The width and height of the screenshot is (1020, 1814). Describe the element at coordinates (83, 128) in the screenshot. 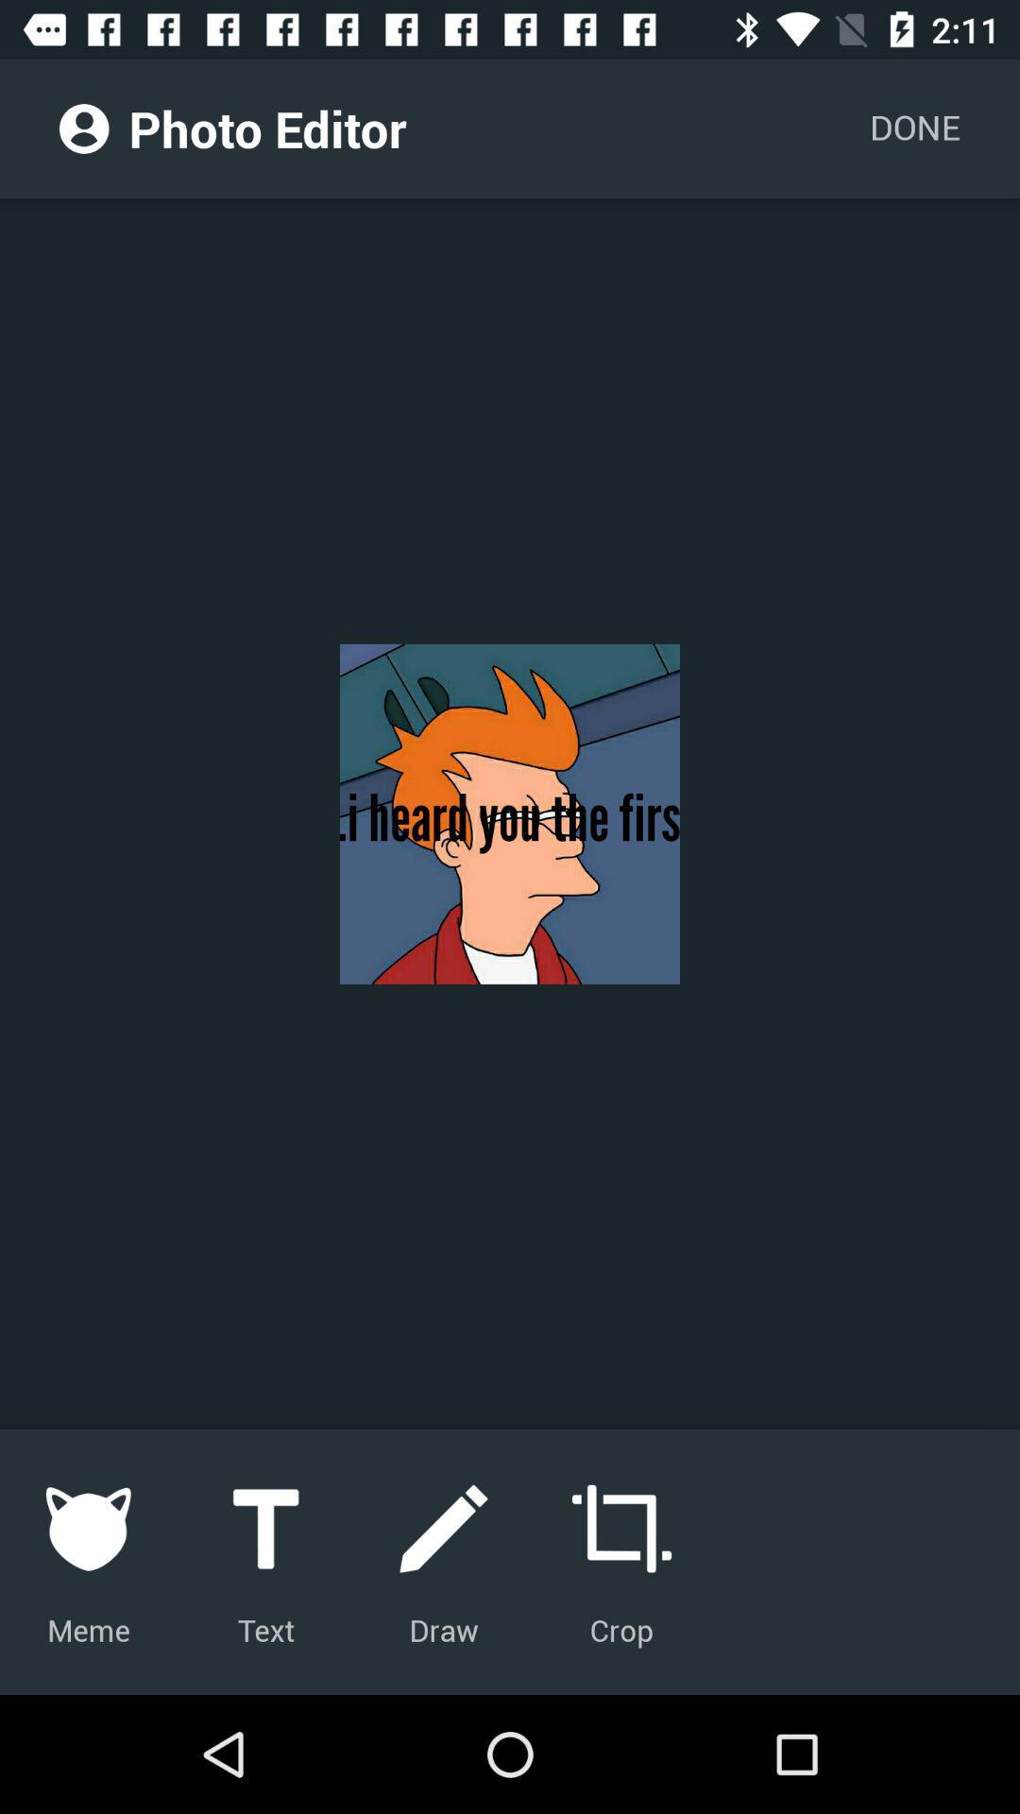

I see `the icon next to photo editor icon` at that location.